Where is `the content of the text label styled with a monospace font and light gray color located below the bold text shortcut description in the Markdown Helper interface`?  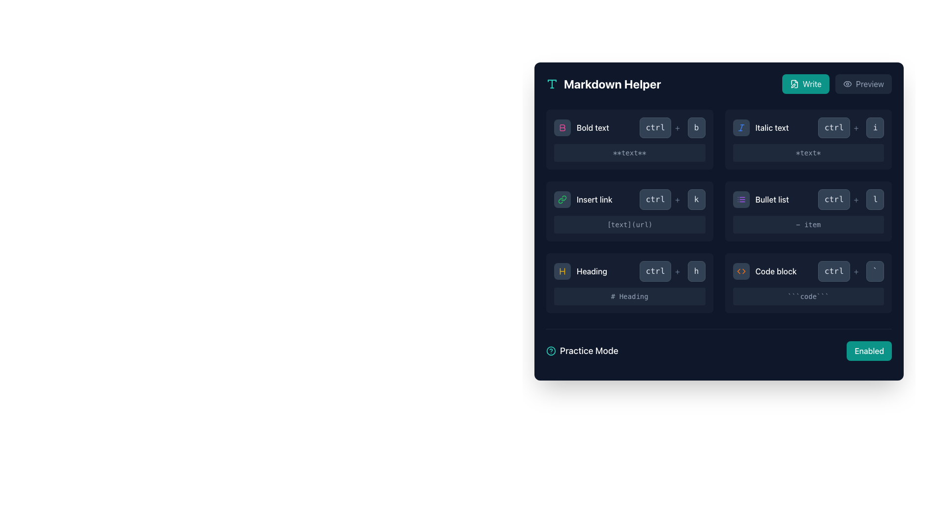 the content of the text label styled with a monospace font and light gray color located below the bold text shortcut description in the Markdown Helper interface is located at coordinates (629, 153).